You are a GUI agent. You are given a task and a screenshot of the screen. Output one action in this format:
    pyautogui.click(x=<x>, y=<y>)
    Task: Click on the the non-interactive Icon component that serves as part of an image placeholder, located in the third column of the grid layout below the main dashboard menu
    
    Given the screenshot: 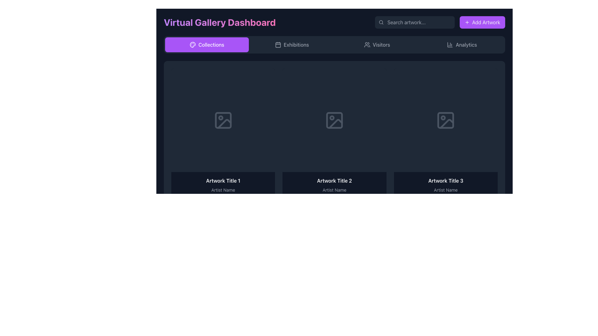 What is the action you would take?
    pyautogui.click(x=445, y=120)
    